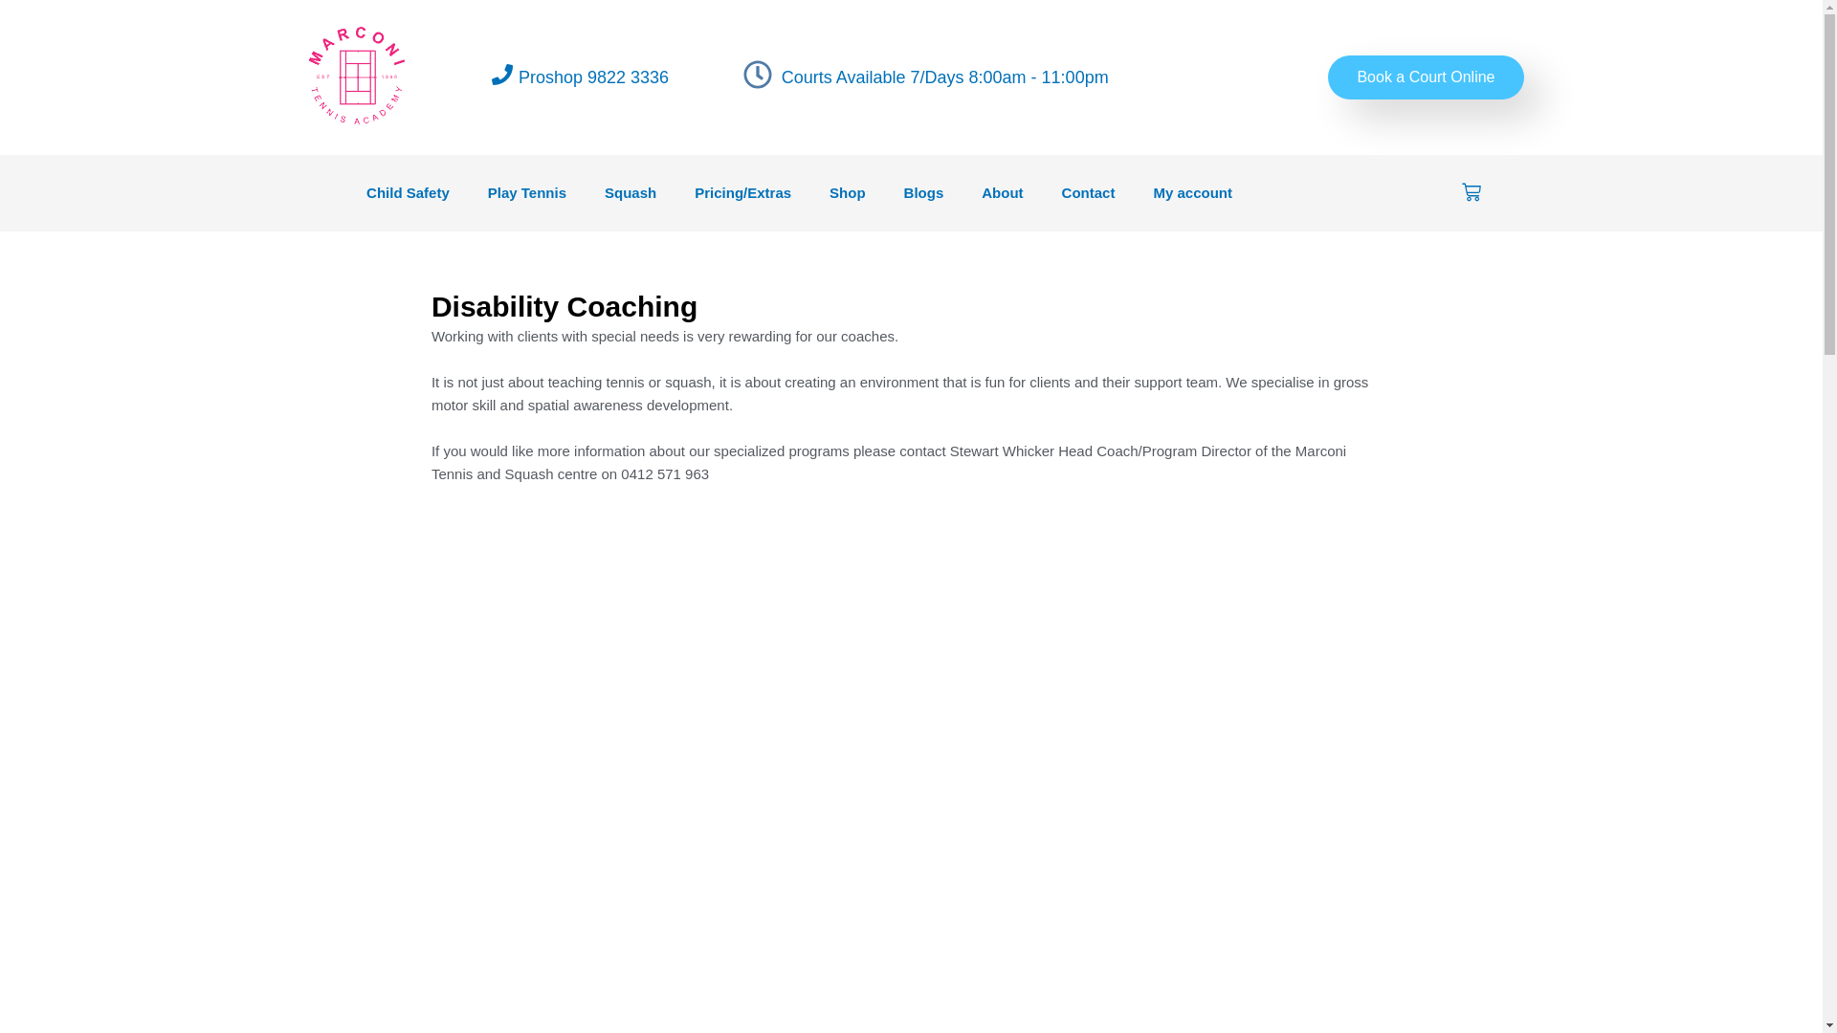  What do you see at coordinates (1088, 192) in the screenshot?
I see `'Contact'` at bounding box center [1088, 192].